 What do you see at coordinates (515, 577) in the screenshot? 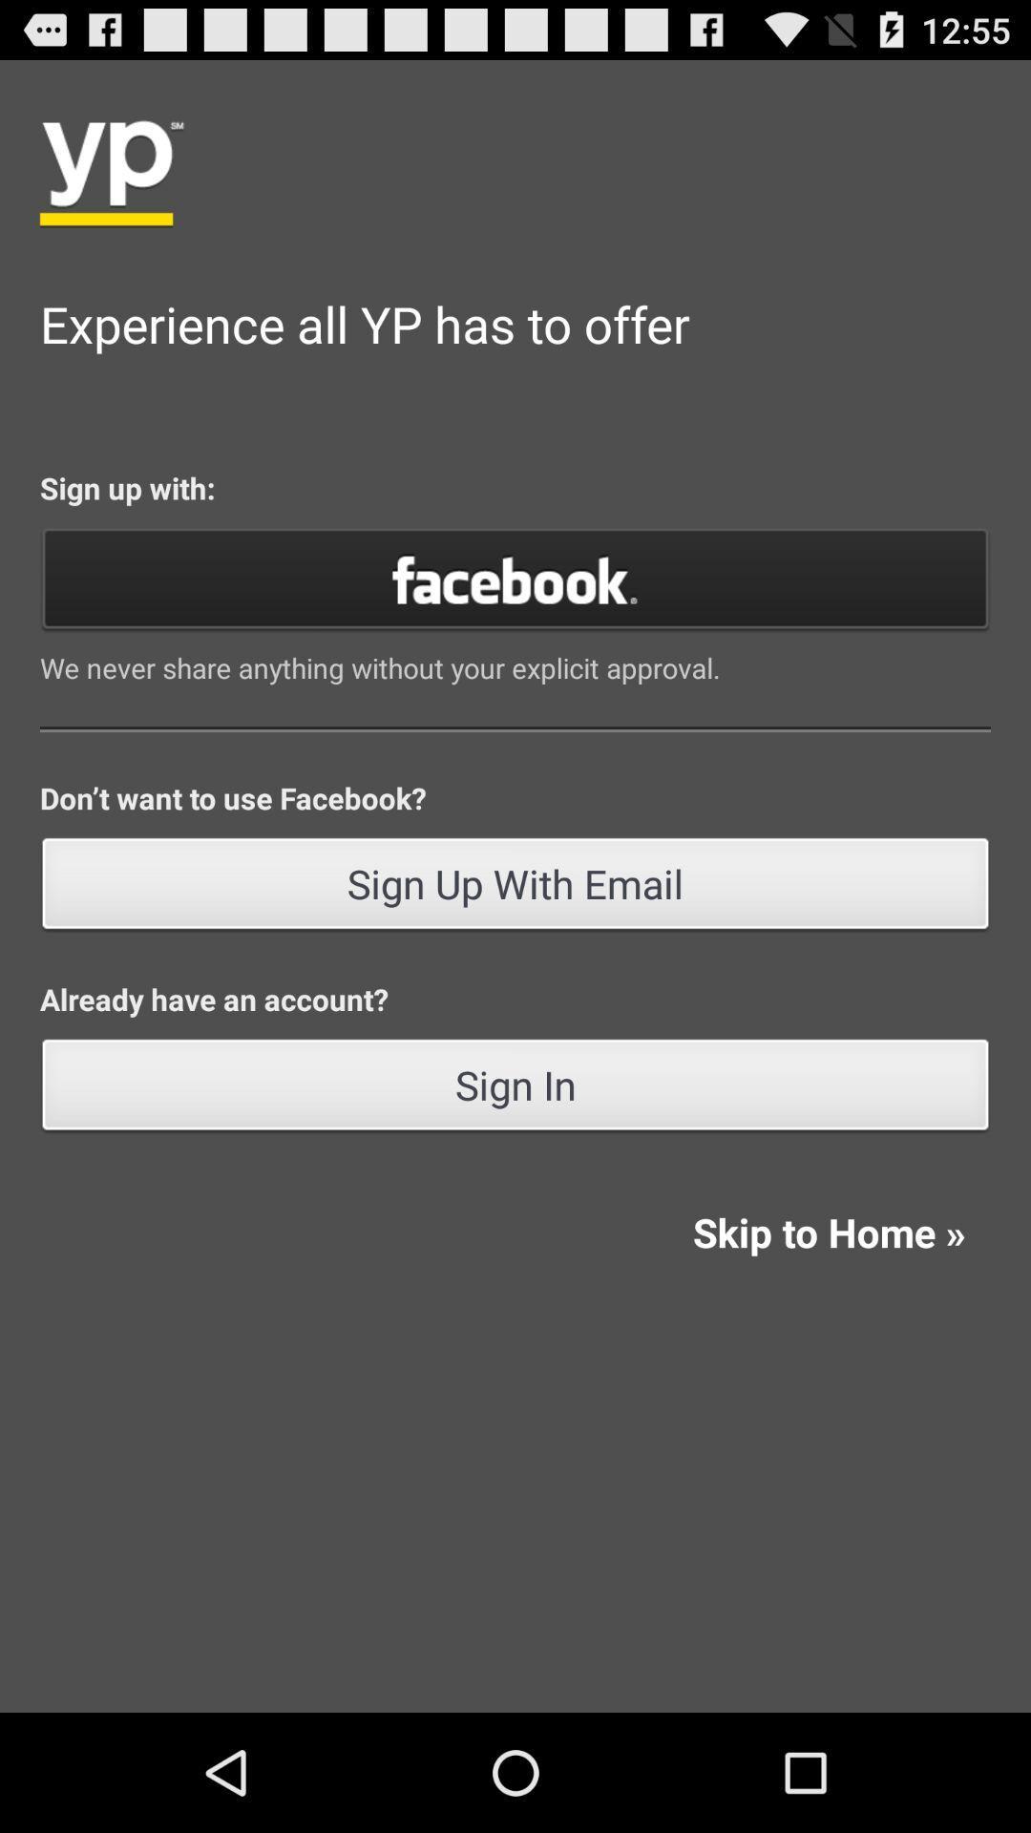
I see `sign up with facebook button` at bounding box center [515, 577].